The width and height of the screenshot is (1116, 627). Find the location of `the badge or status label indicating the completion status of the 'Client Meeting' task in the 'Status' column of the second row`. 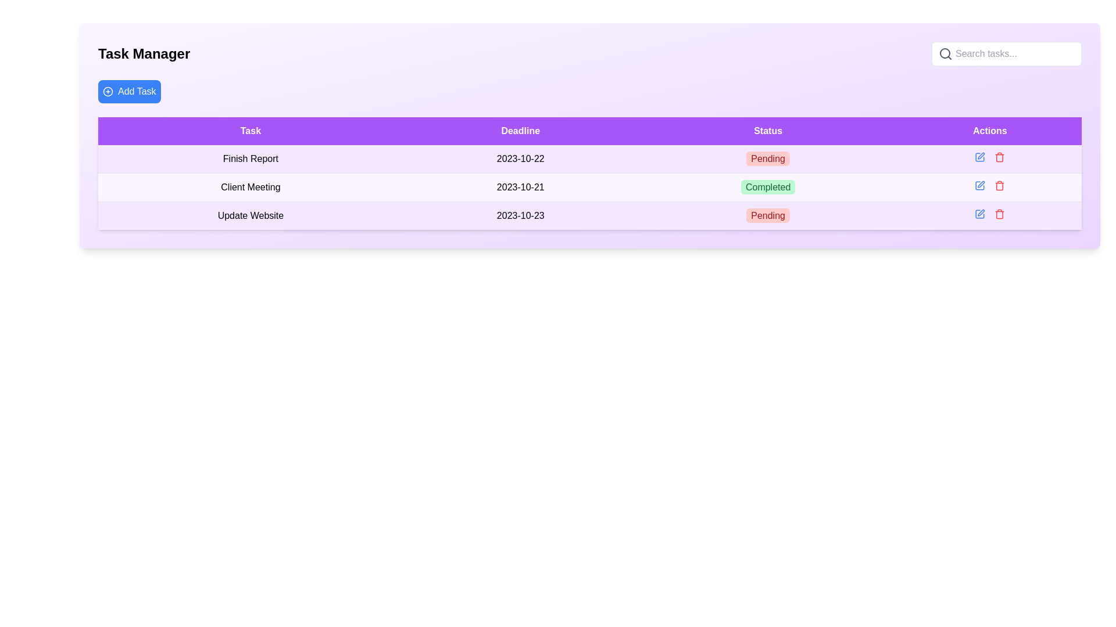

the badge or status label indicating the completion status of the 'Client Meeting' task in the 'Status' column of the second row is located at coordinates (768, 187).